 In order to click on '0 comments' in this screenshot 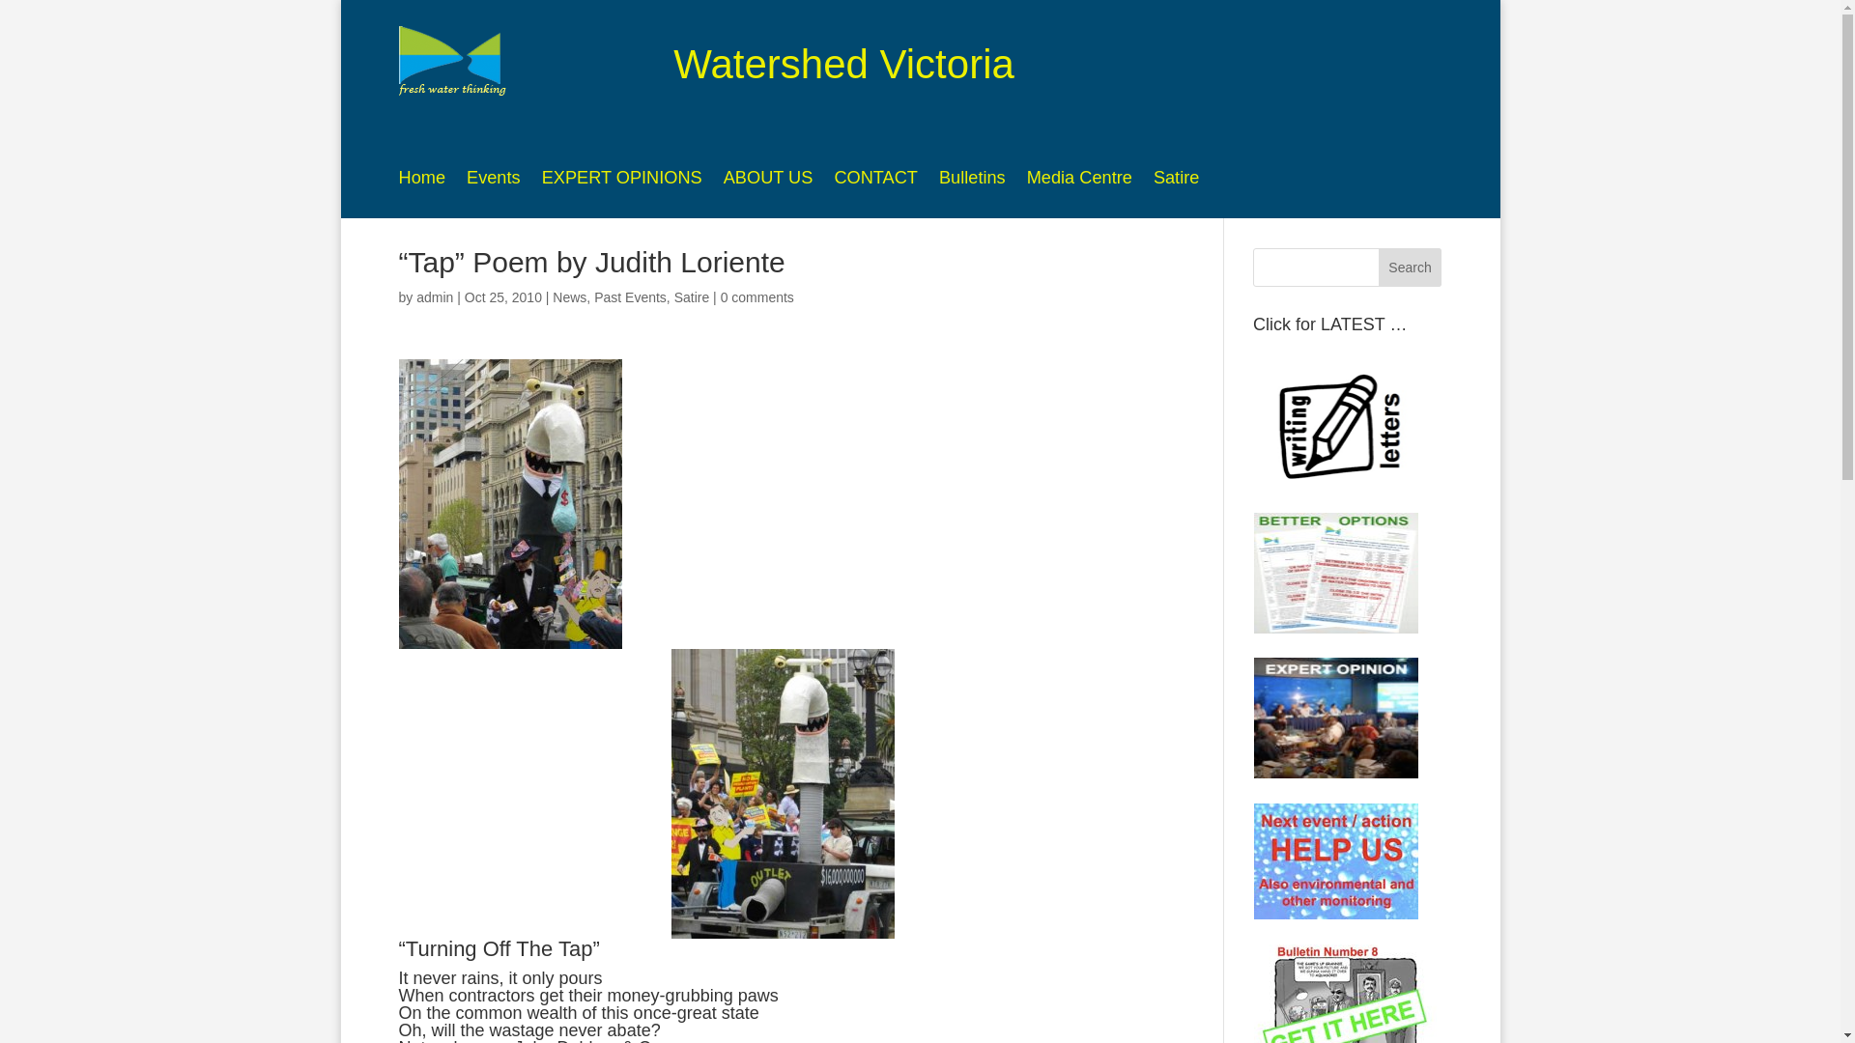, I will do `click(756, 297)`.